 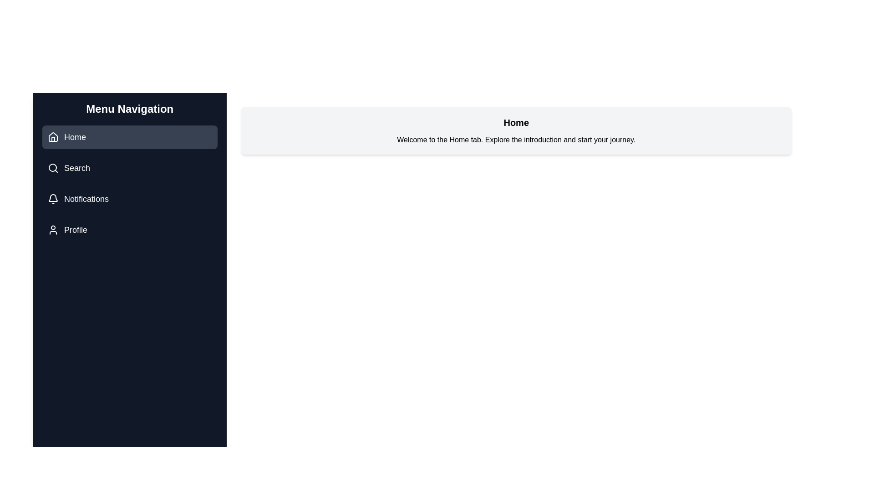 What do you see at coordinates (129, 137) in the screenshot?
I see `the tab labeled Home to view its content` at bounding box center [129, 137].